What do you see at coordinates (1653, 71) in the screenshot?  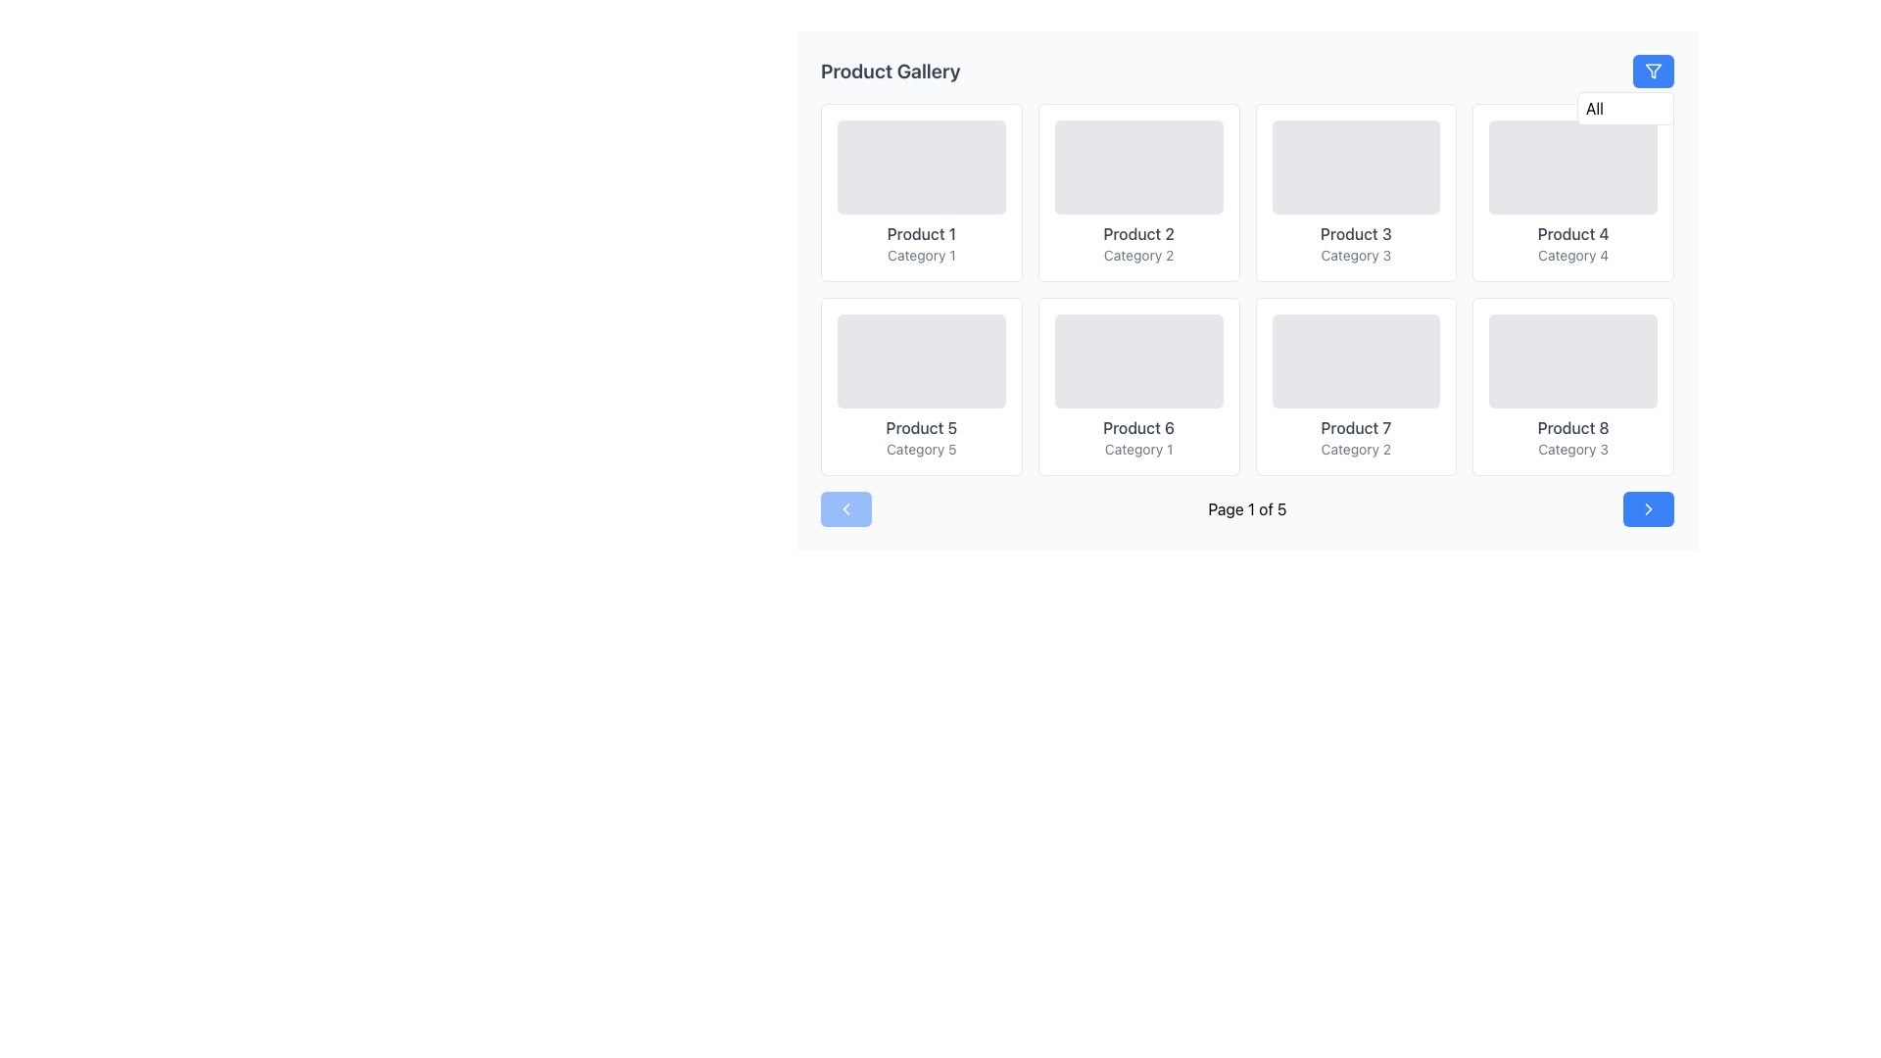 I see `the filtering options button located at the top-right corner of the 'Product Gallery' section, to the right of the text 'All'` at bounding box center [1653, 71].